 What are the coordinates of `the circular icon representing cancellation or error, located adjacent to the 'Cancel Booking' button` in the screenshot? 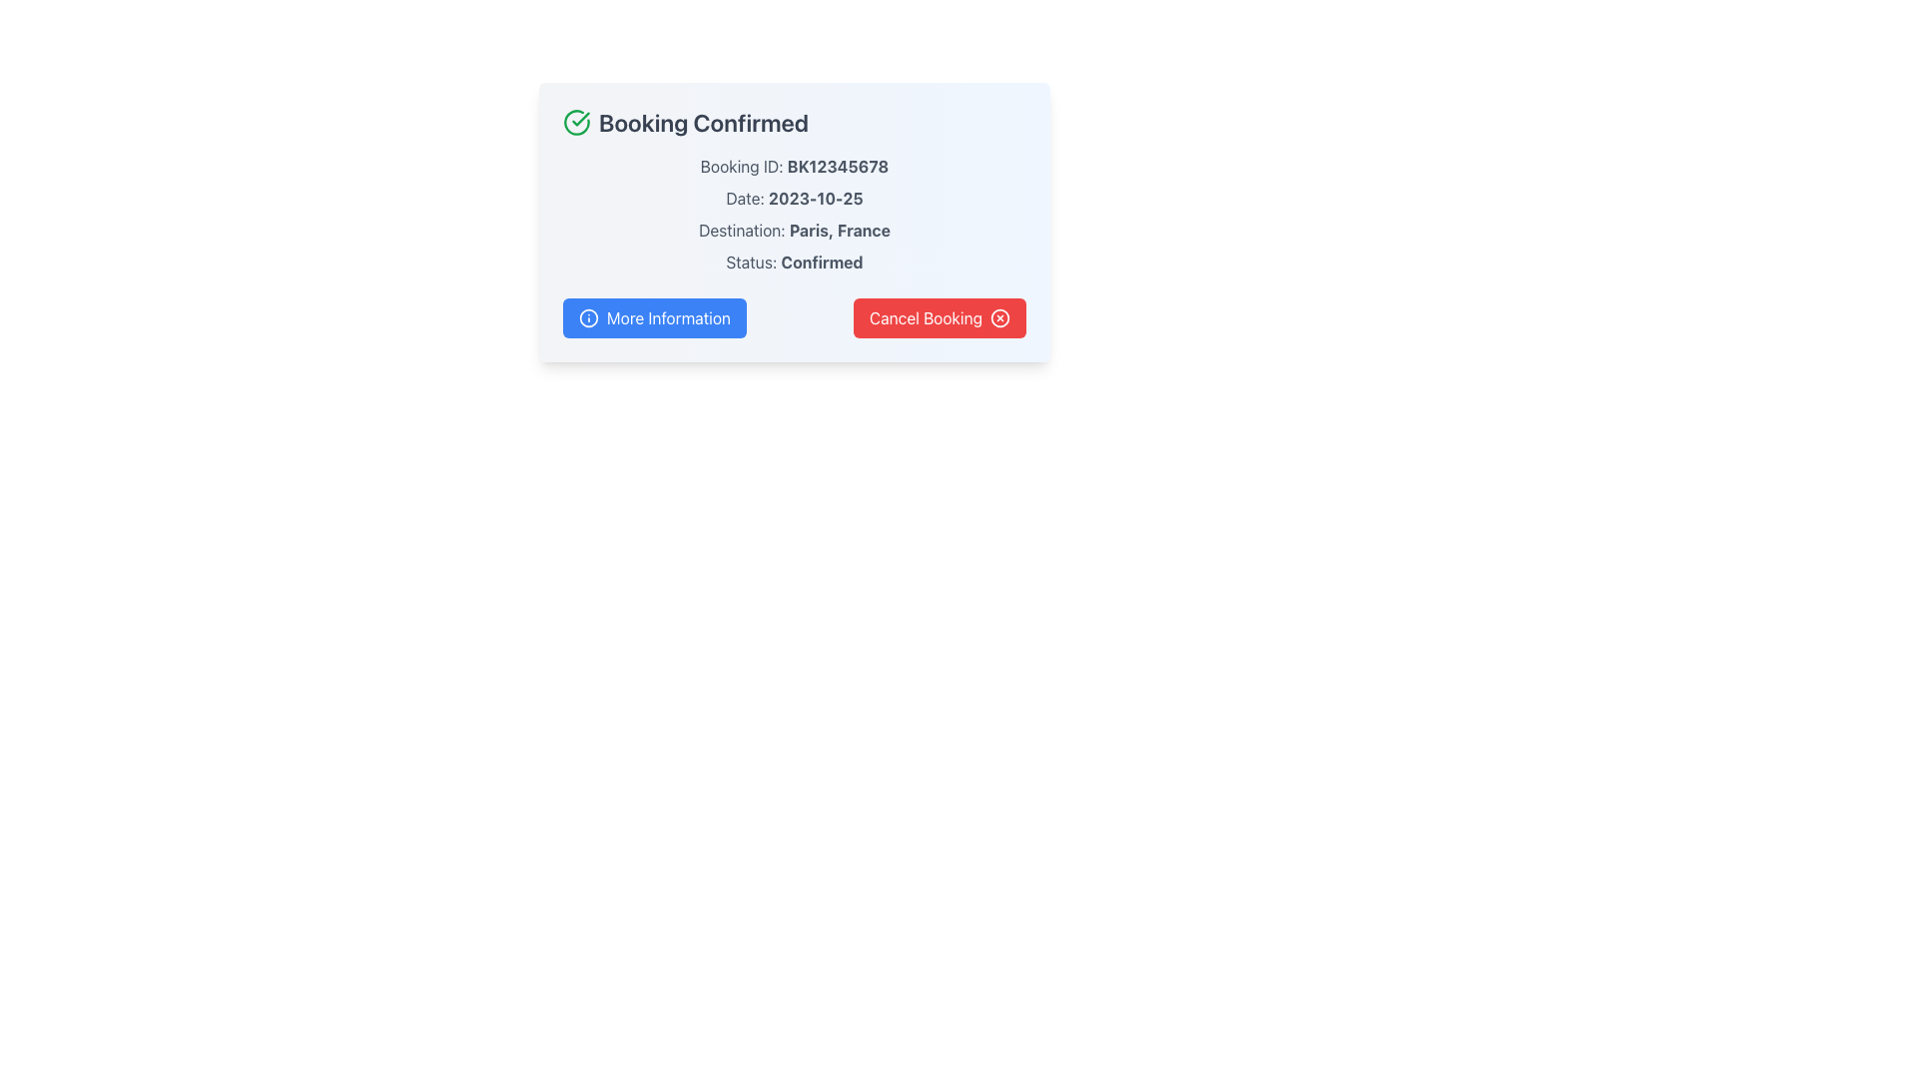 It's located at (1000, 317).